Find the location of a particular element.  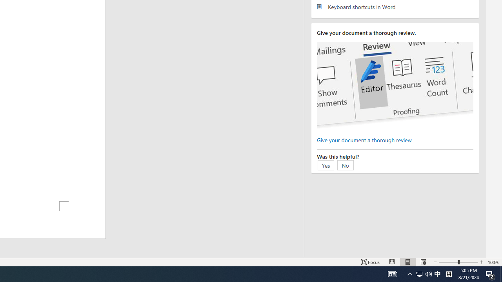

'Print Layout' is located at coordinates (408, 262).